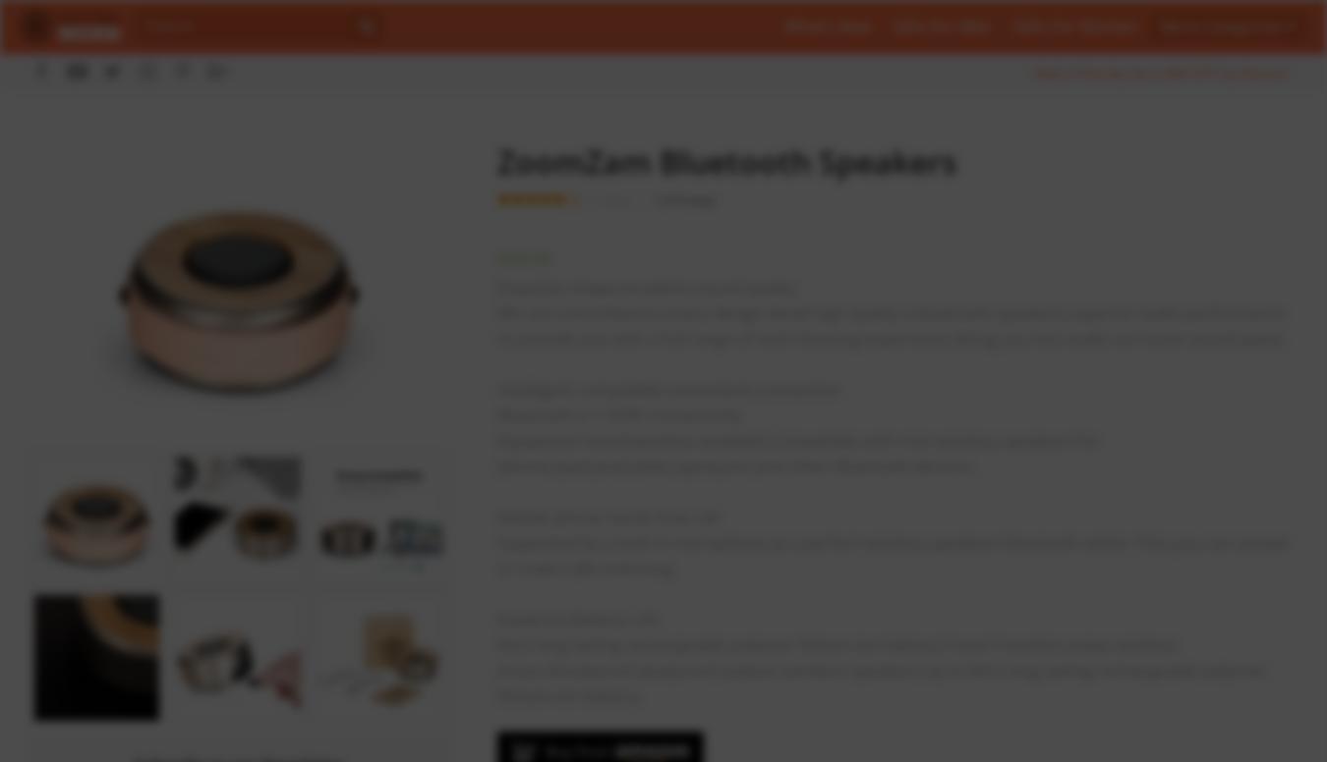 The height and width of the screenshot is (762, 1327). Describe the element at coordinates (495, 257) in the screenshot. I see `'$'` at that location.